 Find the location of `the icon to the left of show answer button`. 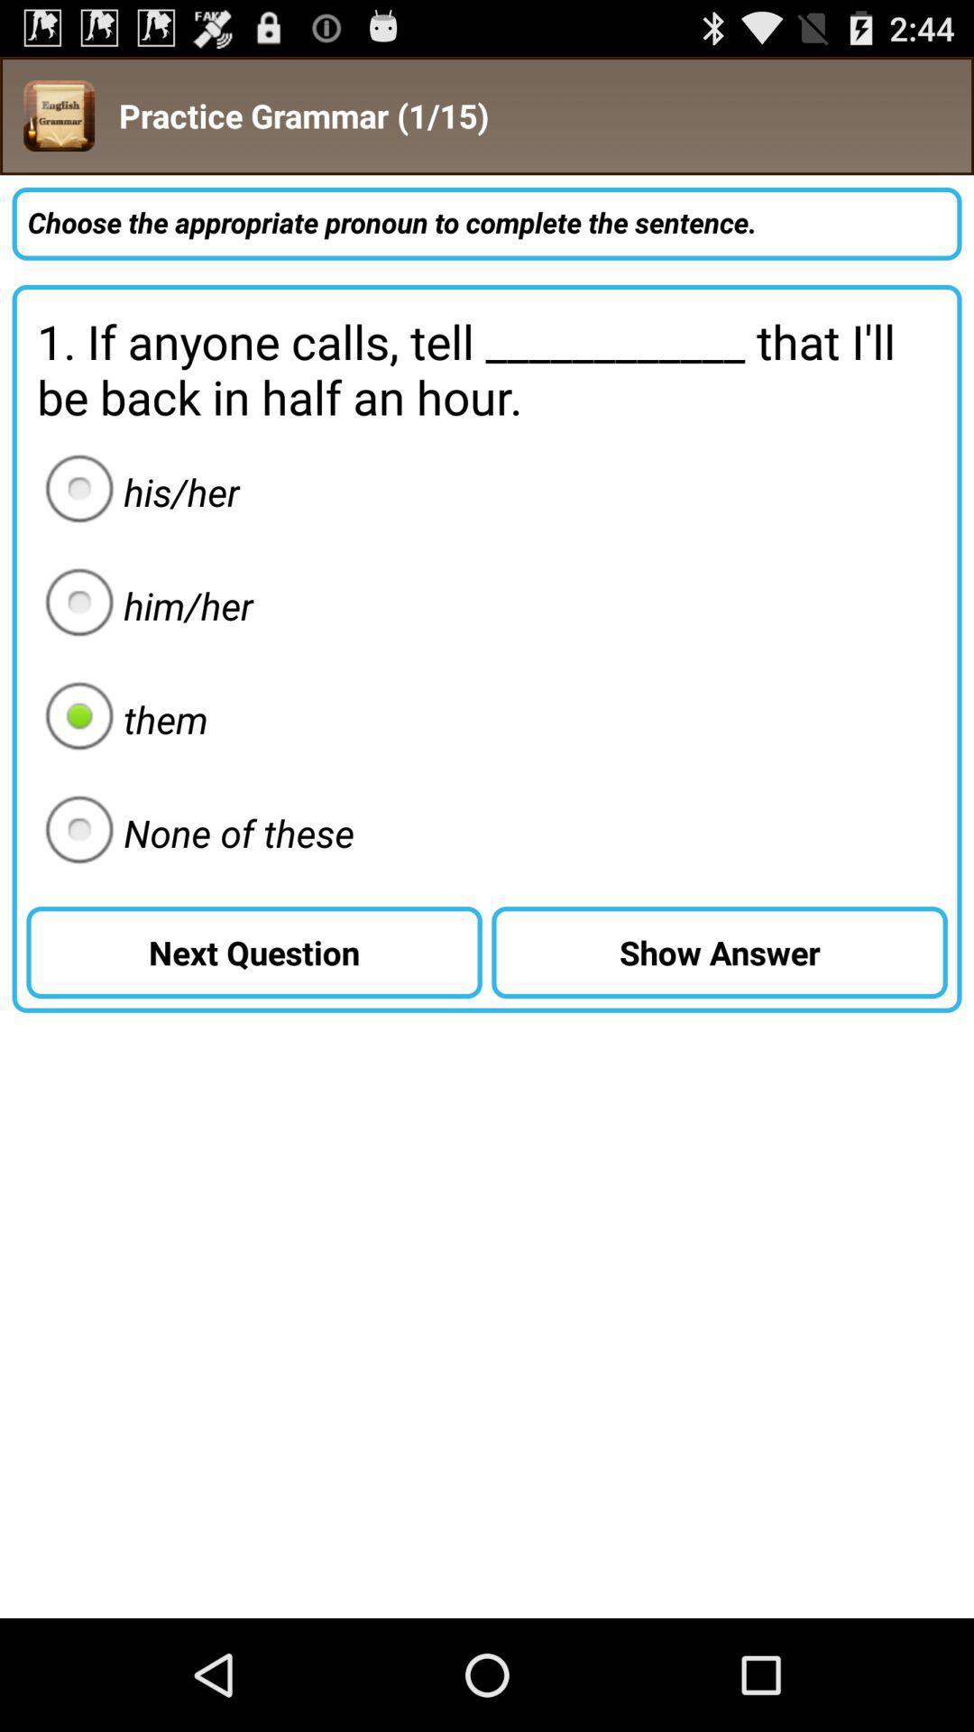

the icon to the left of show answer button is located at coordinates (194, 832).